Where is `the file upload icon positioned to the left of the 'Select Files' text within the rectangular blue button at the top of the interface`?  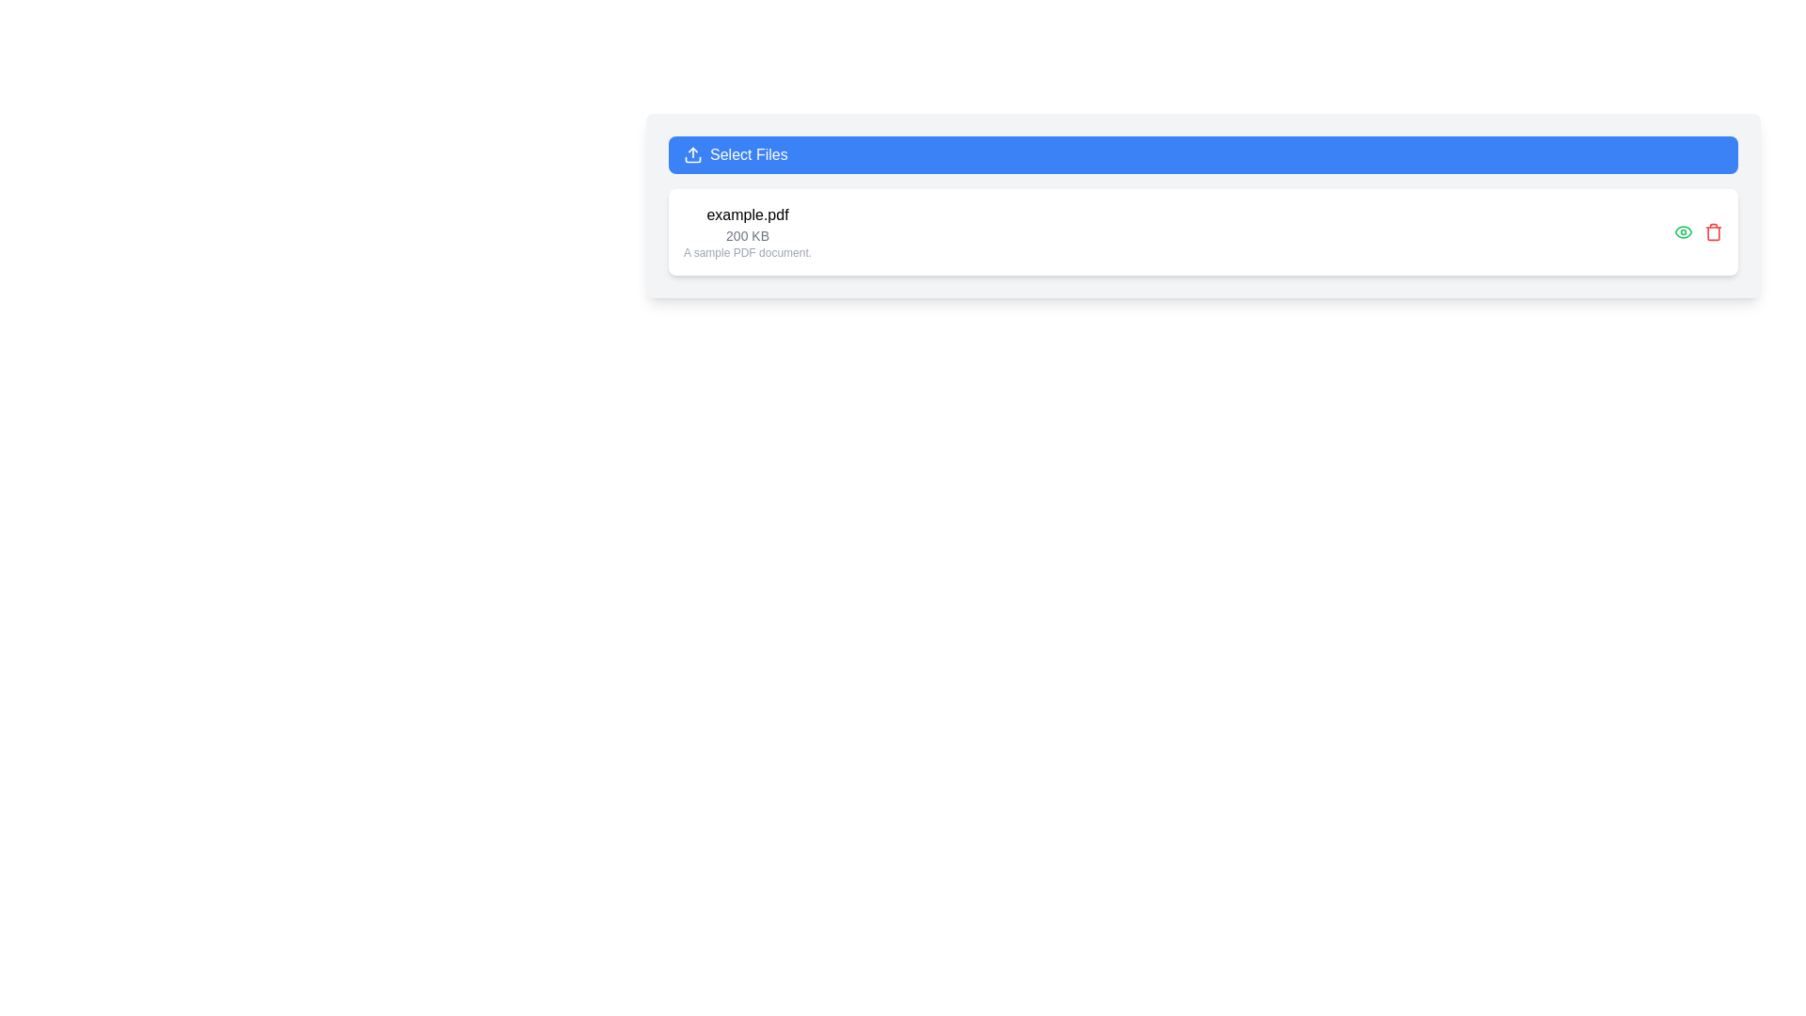
the file upload icon positioned to the left of the 'Select Files' text within the rectangular blue button at the top of the interface is located at coordinates (692, 154).